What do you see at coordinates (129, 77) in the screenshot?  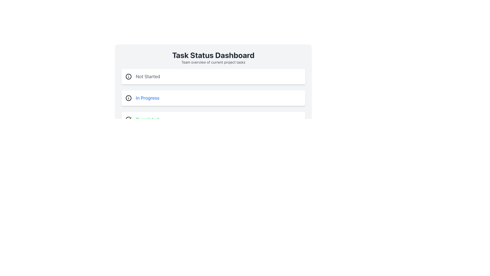 I see `the associated status information by clicking on the circular icon with a central dot and a vertical line segment below it, located in the 'Not Started' task status panel` at bounding box center [129, 77].